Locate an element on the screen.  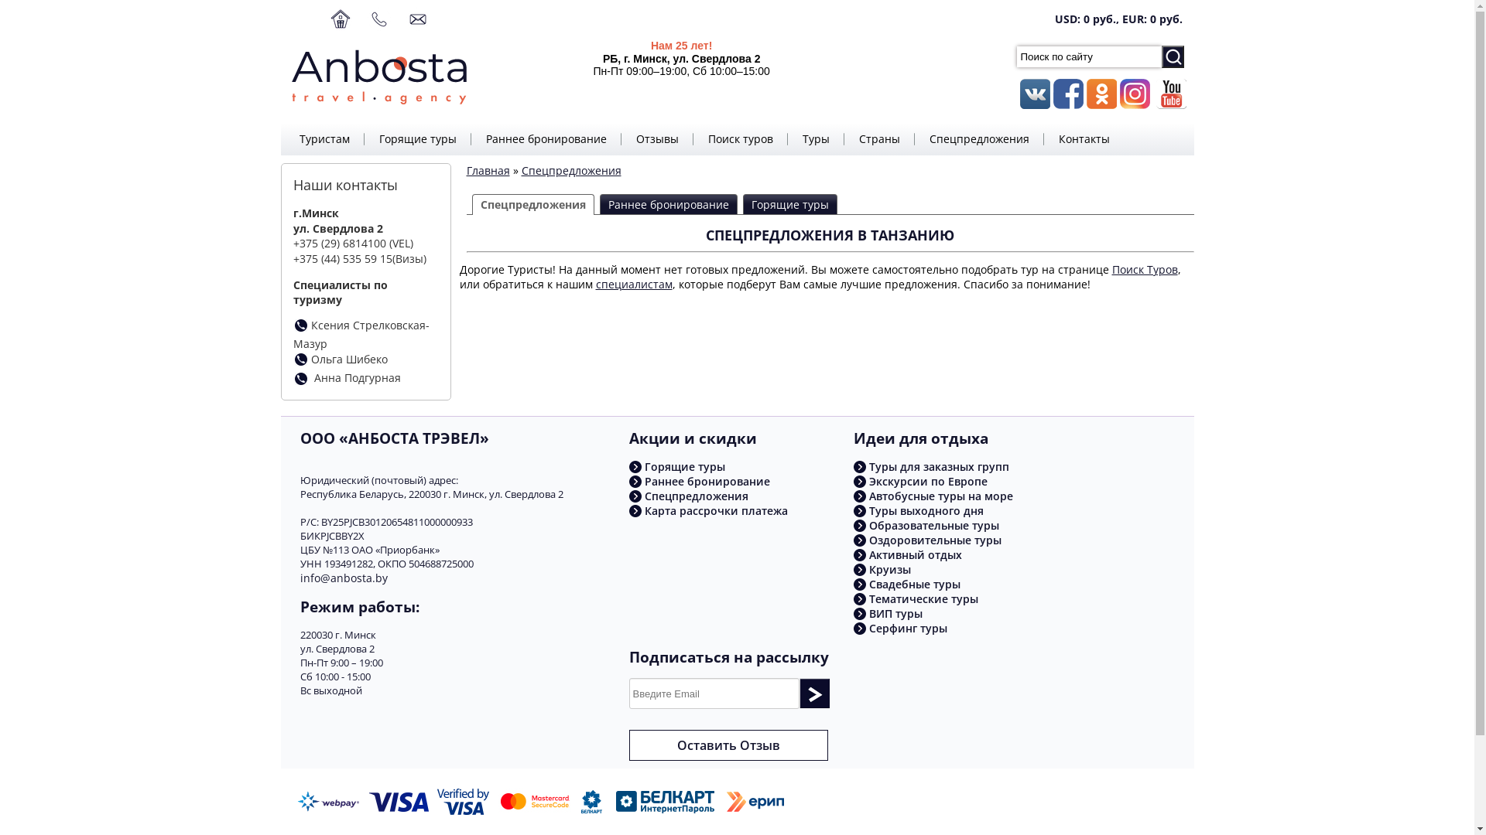
'+375 (44) 535 59 15' is located at coordinates (341, 257).